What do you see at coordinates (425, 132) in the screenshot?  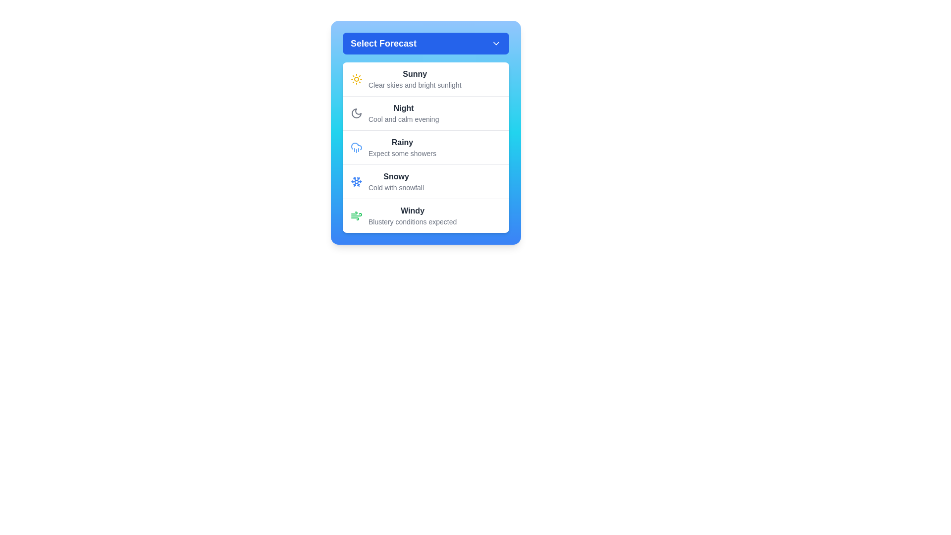 I see `the third item in the blue gradient dropdown menu, which is labeled 'Rainy Expect some showers'` at bounding box center [425, 132].